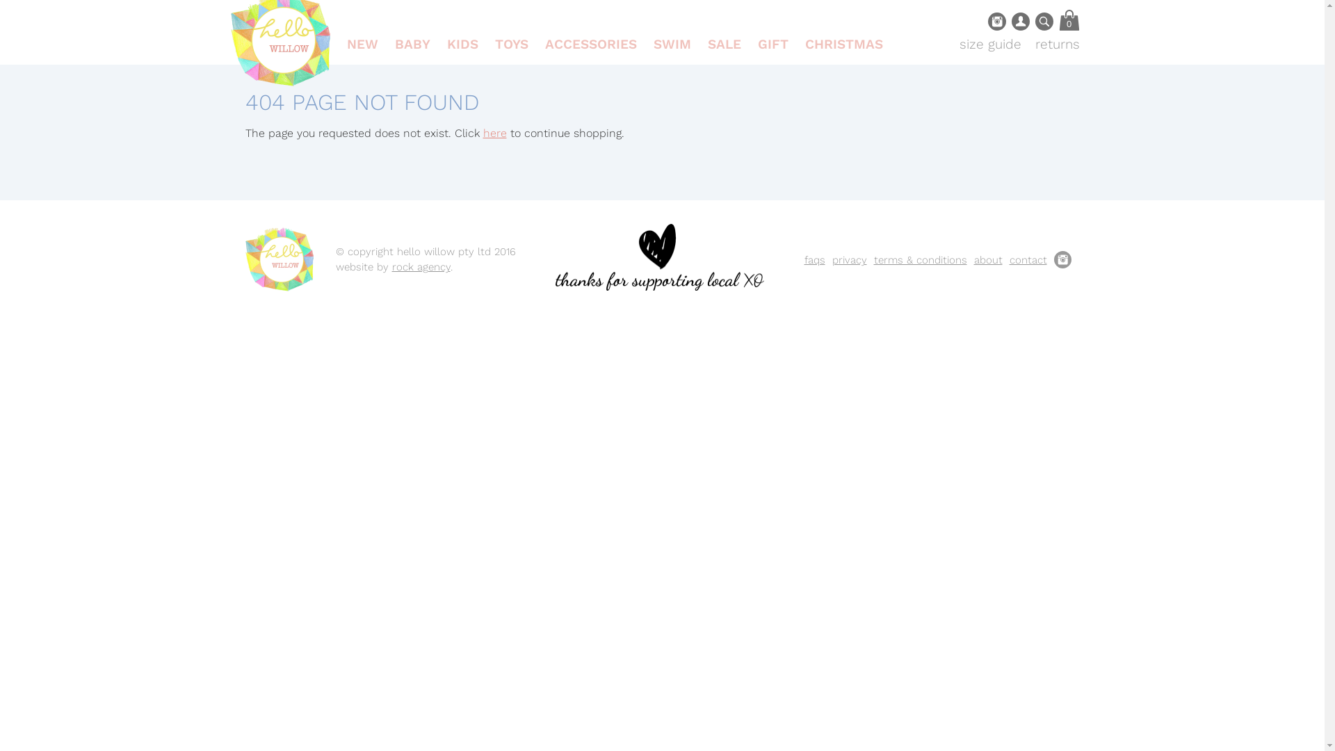 This screenshot has height=751, width=1335. Describe the element at coordinates (672, 44) in the screenshot. I see `'SWIM'` at that location.